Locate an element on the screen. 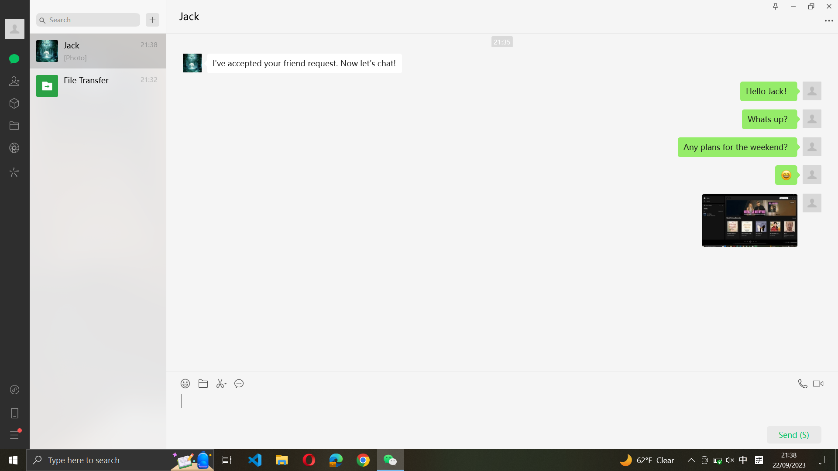 Image resolution: width=838 pixels, height=471 pixels. the second contact in the contacts tab is located at coordinates (14, 81).